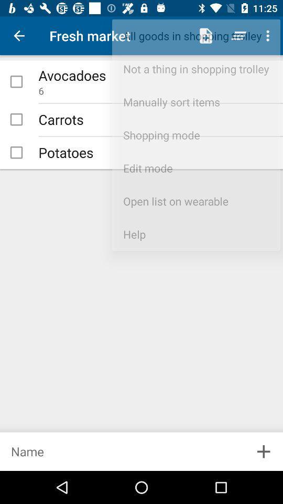 This screenshot has height=504, width=283. What do you see at coordinates (16, 81) in the screenshot?
I see `tick mark` at bounding box center [16, 81].